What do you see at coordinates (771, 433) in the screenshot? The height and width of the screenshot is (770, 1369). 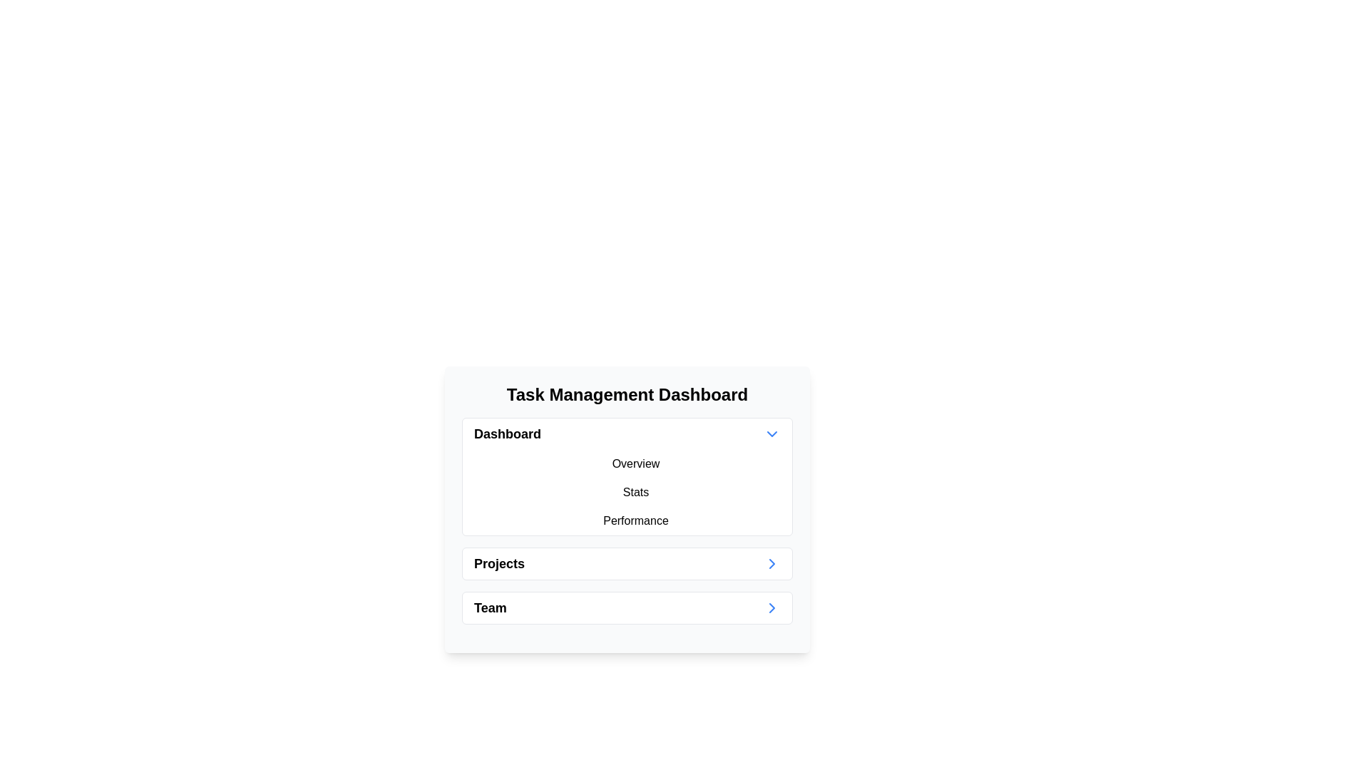 I see `the downward chevron icon used` at bounding box center [771, 433].